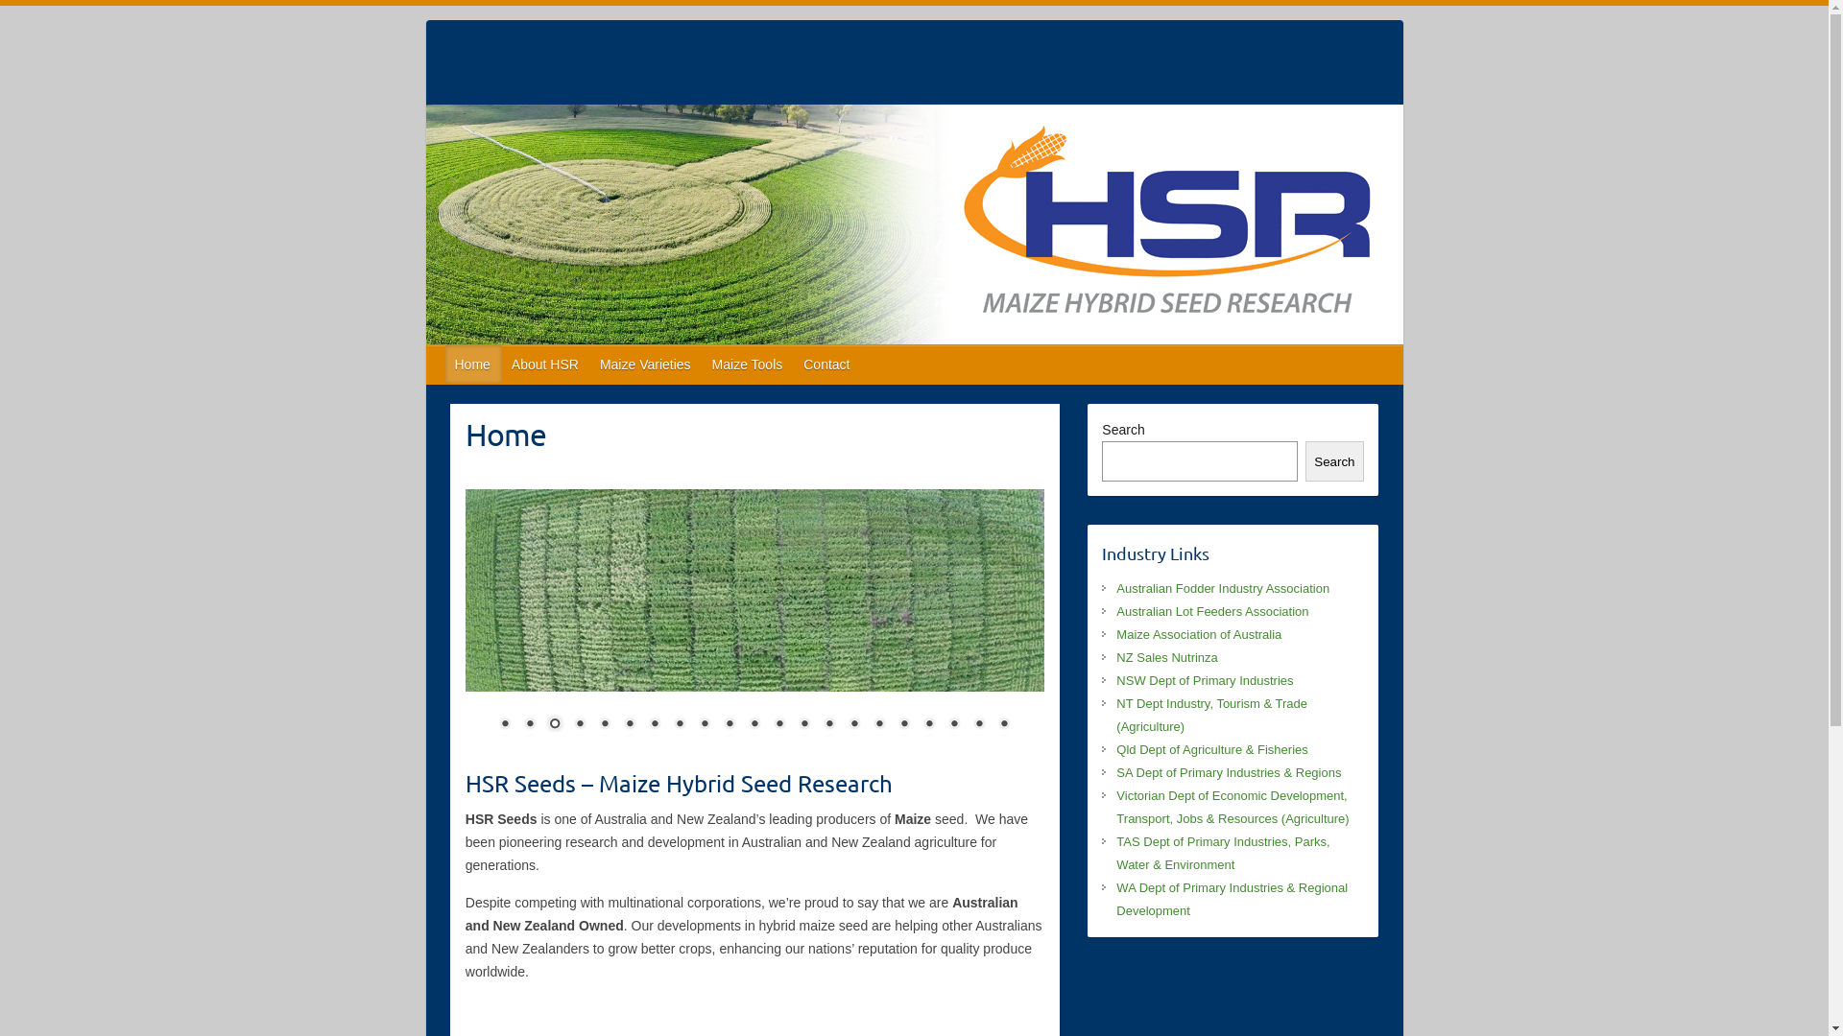  Describe the element at coordinates (1115, 656) in the screenshot. I see `'NZ Sales Nutrinza'` at that location.